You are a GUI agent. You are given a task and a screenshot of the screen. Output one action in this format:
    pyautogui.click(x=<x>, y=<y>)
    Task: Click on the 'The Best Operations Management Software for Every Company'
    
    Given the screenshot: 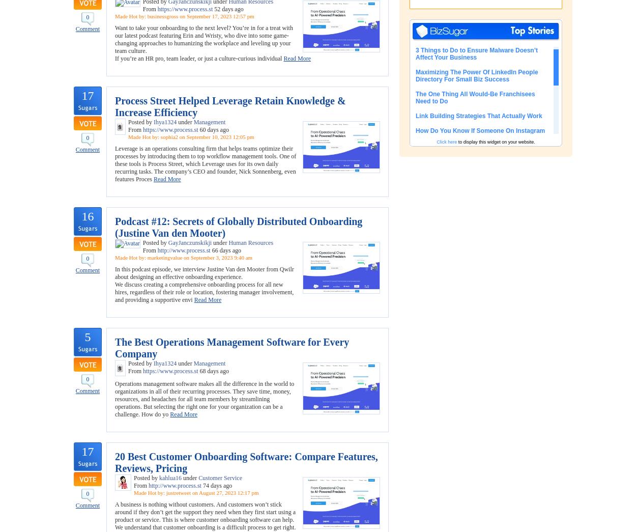 What is the action you would take?
    pyautogui.click(x=232, y=348)
    